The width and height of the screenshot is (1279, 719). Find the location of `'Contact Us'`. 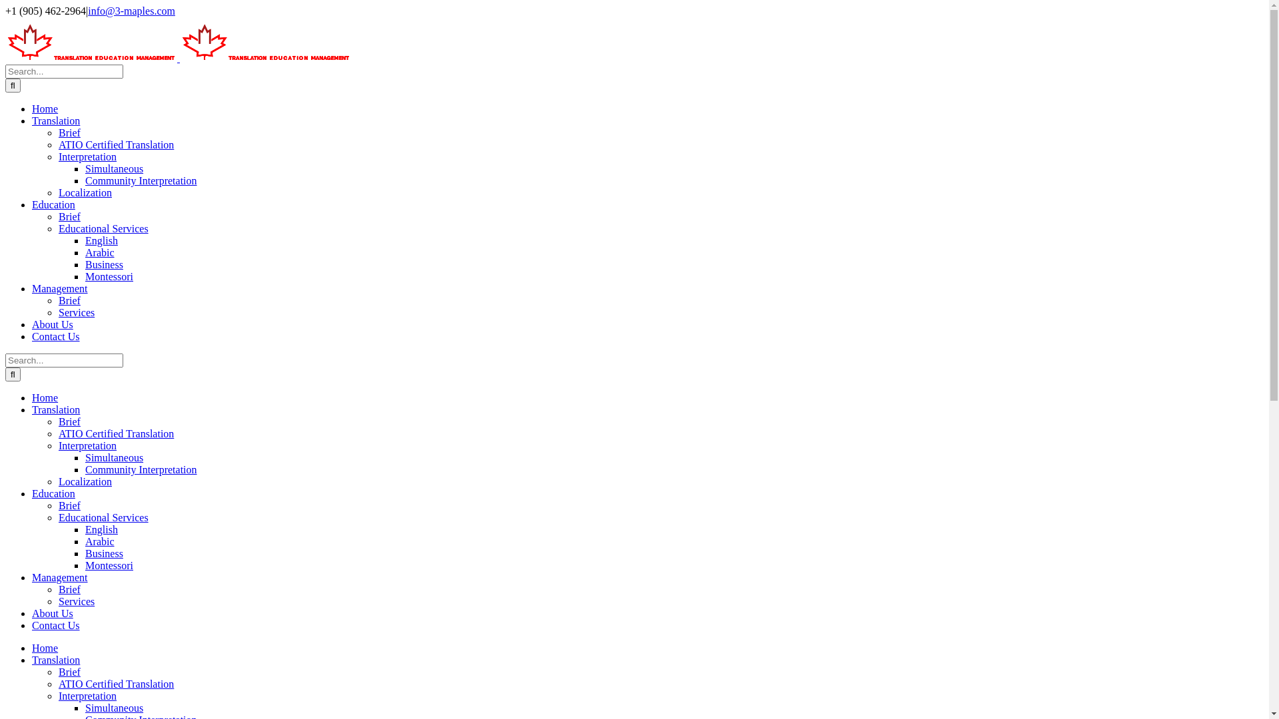

'Contact Us' is located at coordinates (32, 336).